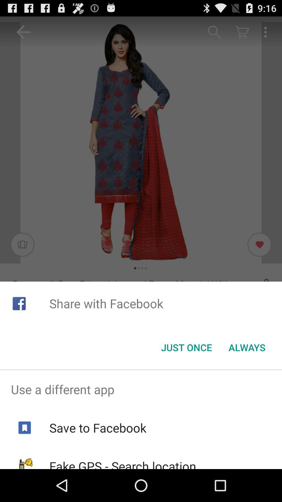  I want to click on the icon below share with facebook item, so click(186, 347).